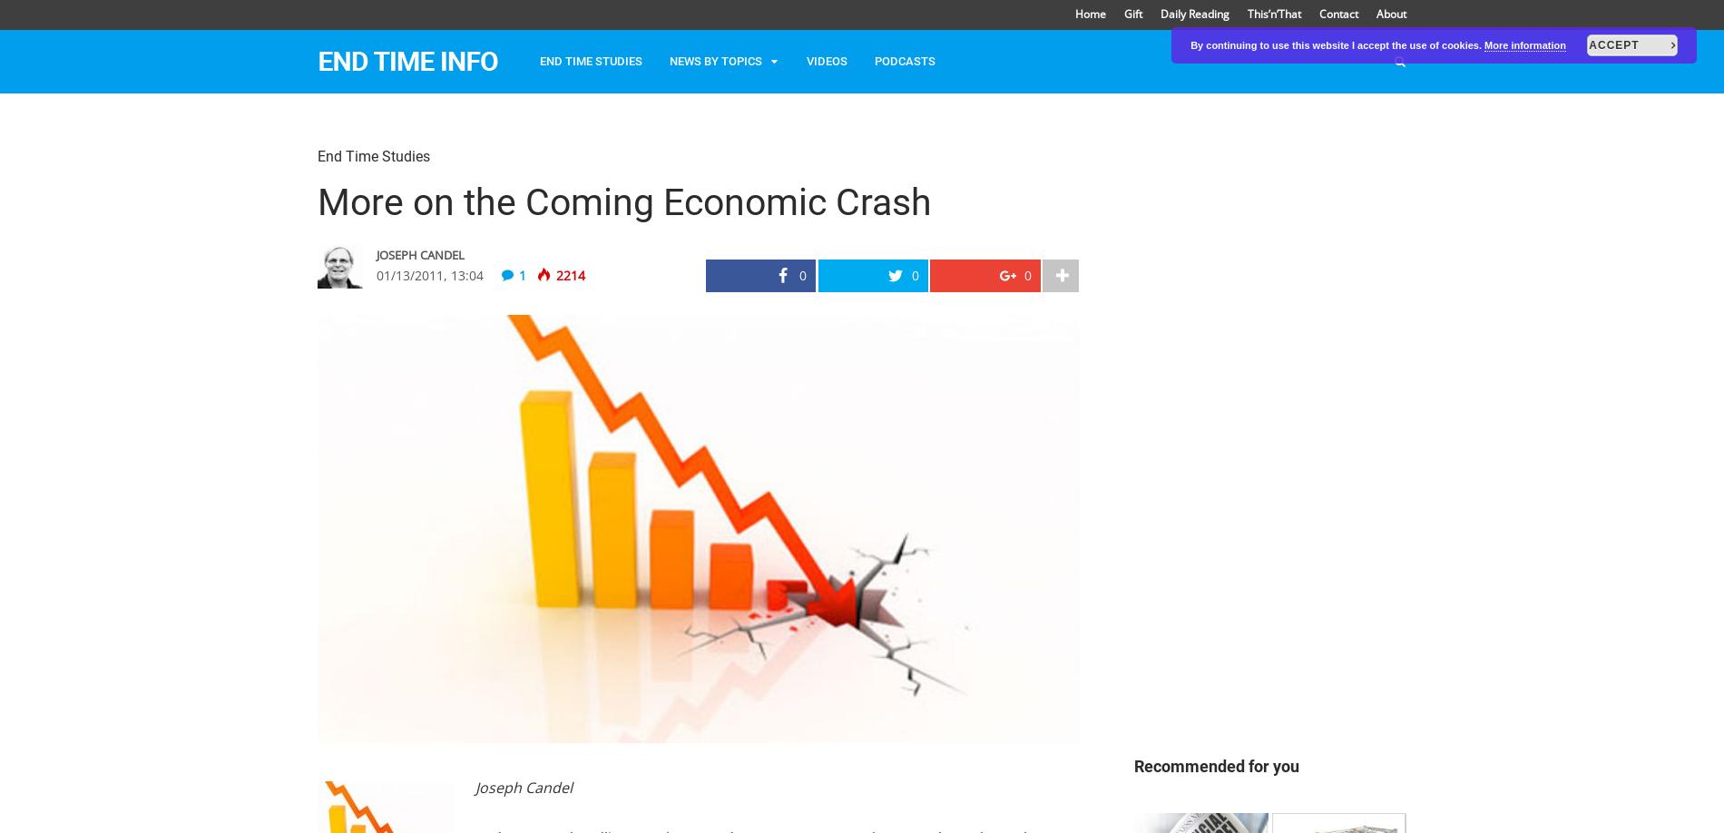  I want to click on 'By continuing to use this website I accept the use of cookies.', so click(1337, 45).